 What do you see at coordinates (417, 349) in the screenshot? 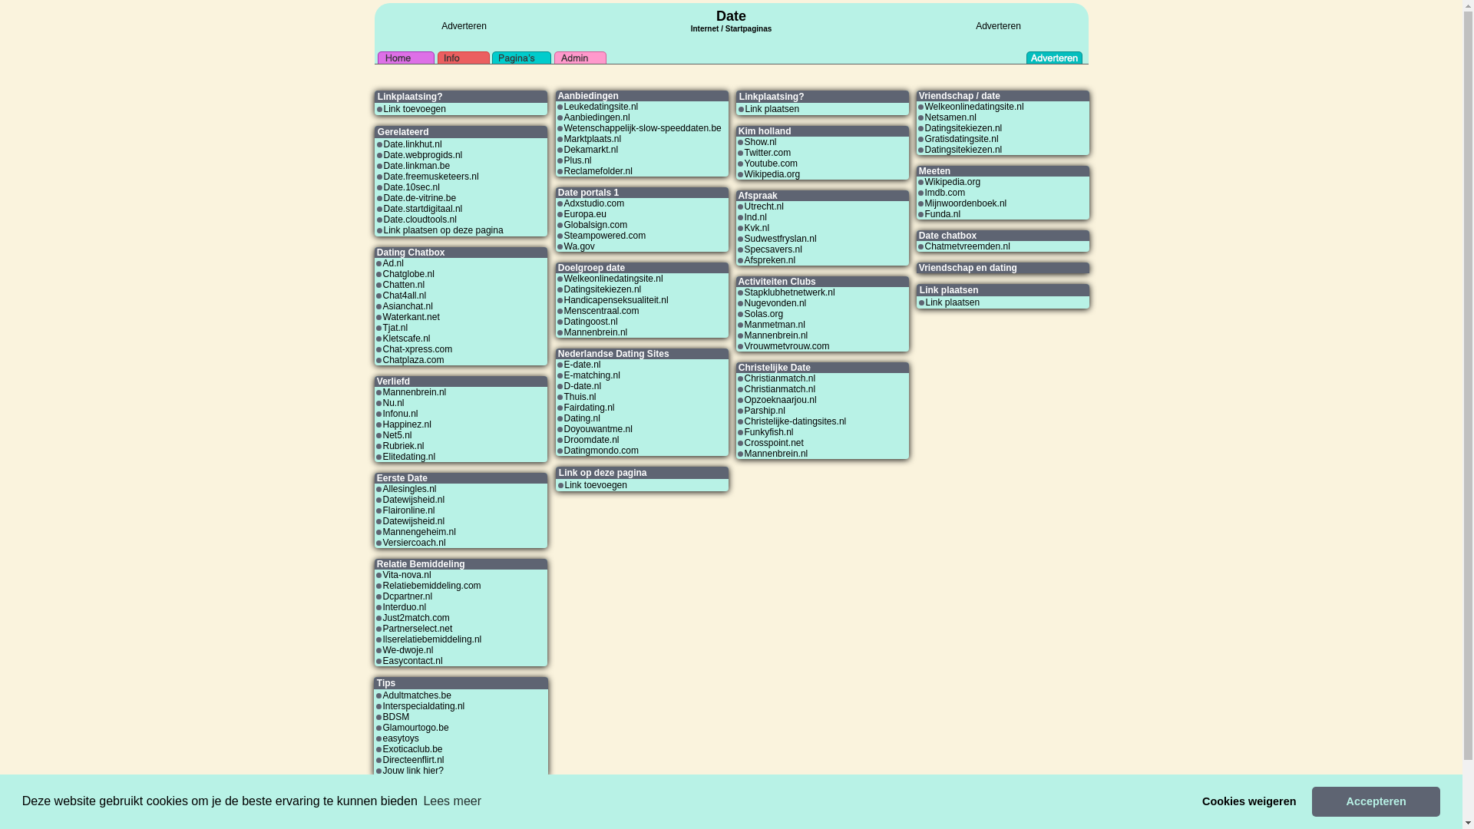
I see `'Chat-xpress.com'` at bounding box center [417, 349].